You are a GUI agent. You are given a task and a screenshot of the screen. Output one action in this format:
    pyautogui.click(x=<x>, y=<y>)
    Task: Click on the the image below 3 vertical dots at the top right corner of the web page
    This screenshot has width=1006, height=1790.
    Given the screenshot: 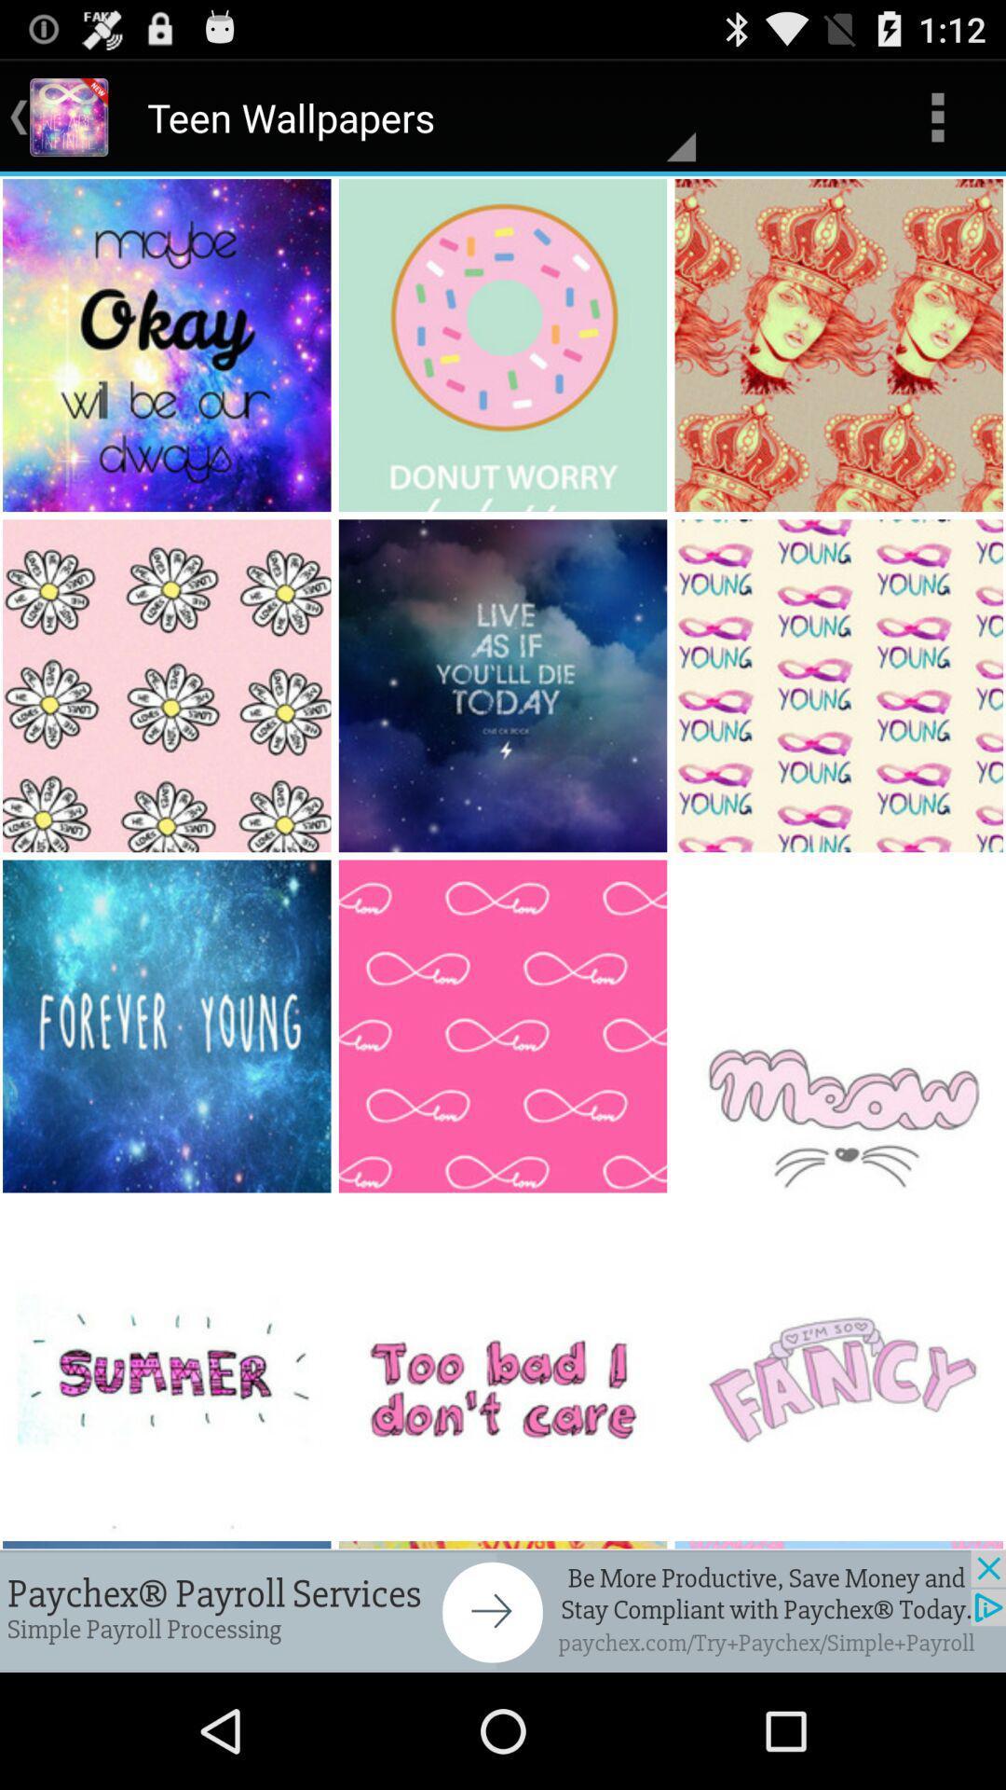 What is the action you would take?
    pyautogui.click(x=840, y=345)
    